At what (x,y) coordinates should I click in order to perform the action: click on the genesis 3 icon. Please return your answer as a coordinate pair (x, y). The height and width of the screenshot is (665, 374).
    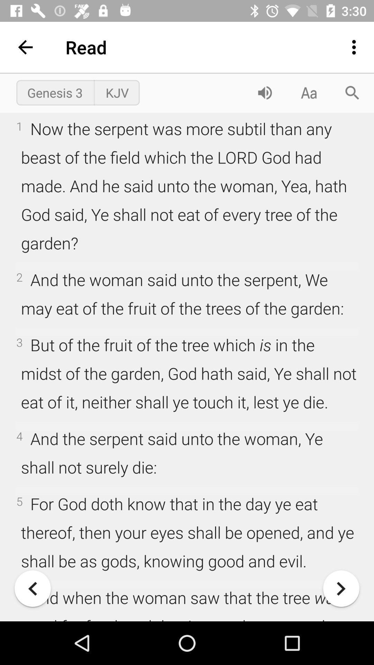
    Looking at the image, I should click on (54, 92).